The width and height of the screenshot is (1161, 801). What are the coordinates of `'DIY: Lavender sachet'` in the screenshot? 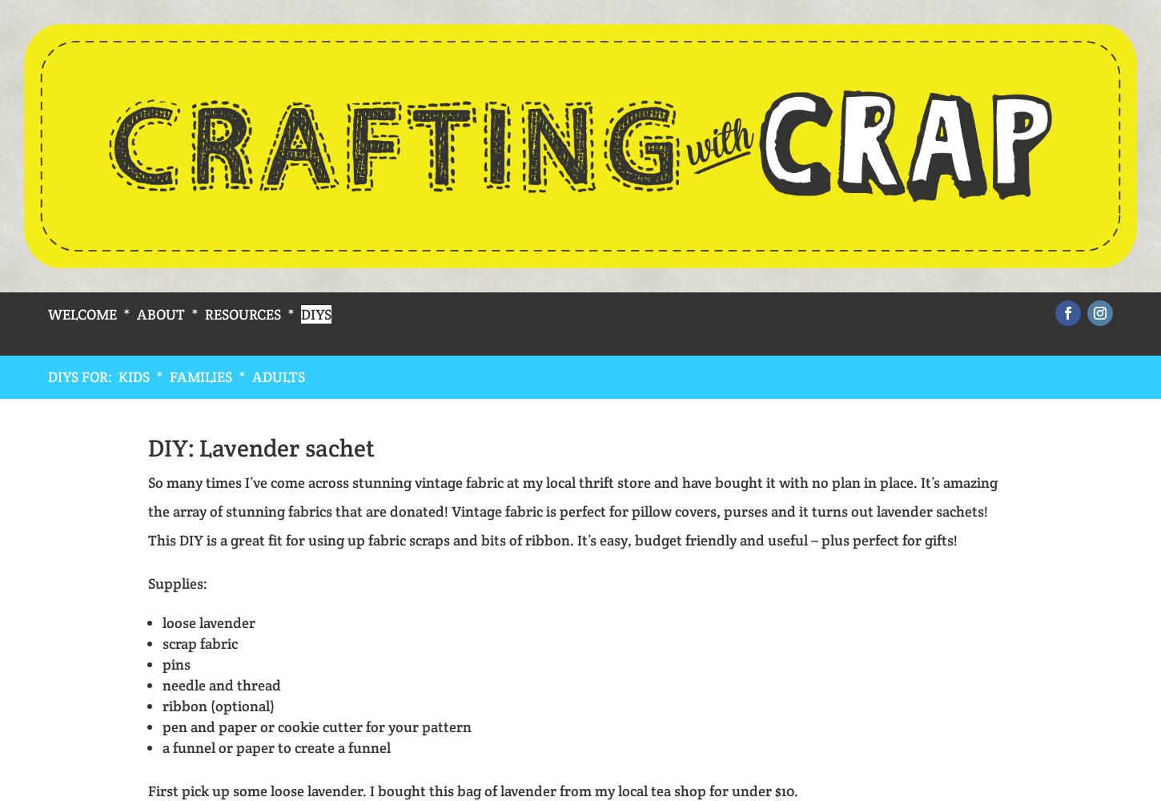 It's located at (261, 447).